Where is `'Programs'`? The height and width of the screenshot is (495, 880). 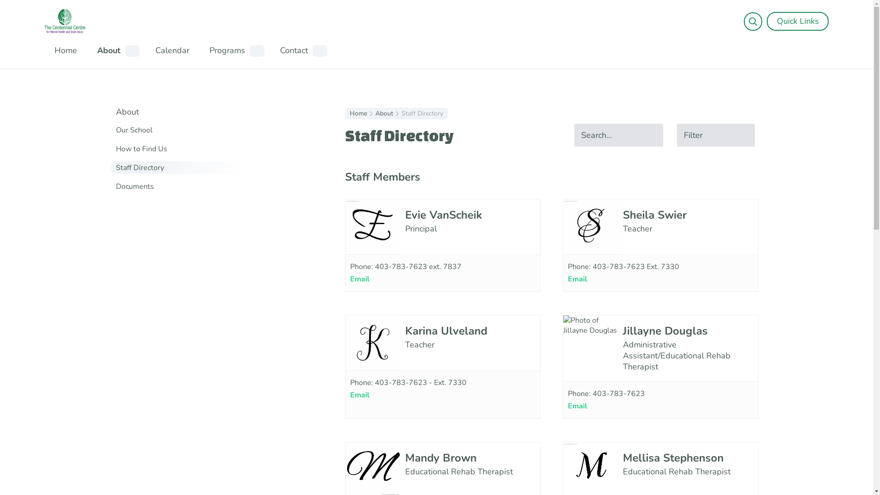 'Programs' is located at coordinates (226, 50).